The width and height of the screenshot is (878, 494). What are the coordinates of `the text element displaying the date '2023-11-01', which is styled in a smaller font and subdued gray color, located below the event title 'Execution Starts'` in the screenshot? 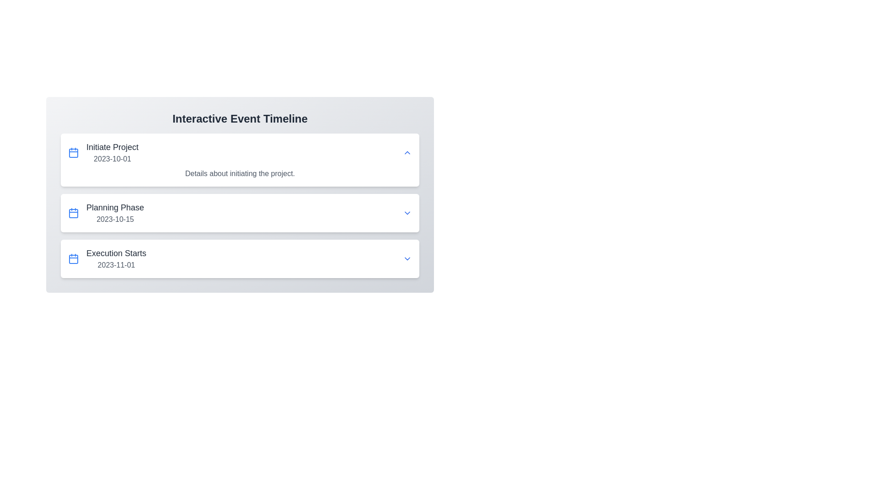 It's located at (116, 265).